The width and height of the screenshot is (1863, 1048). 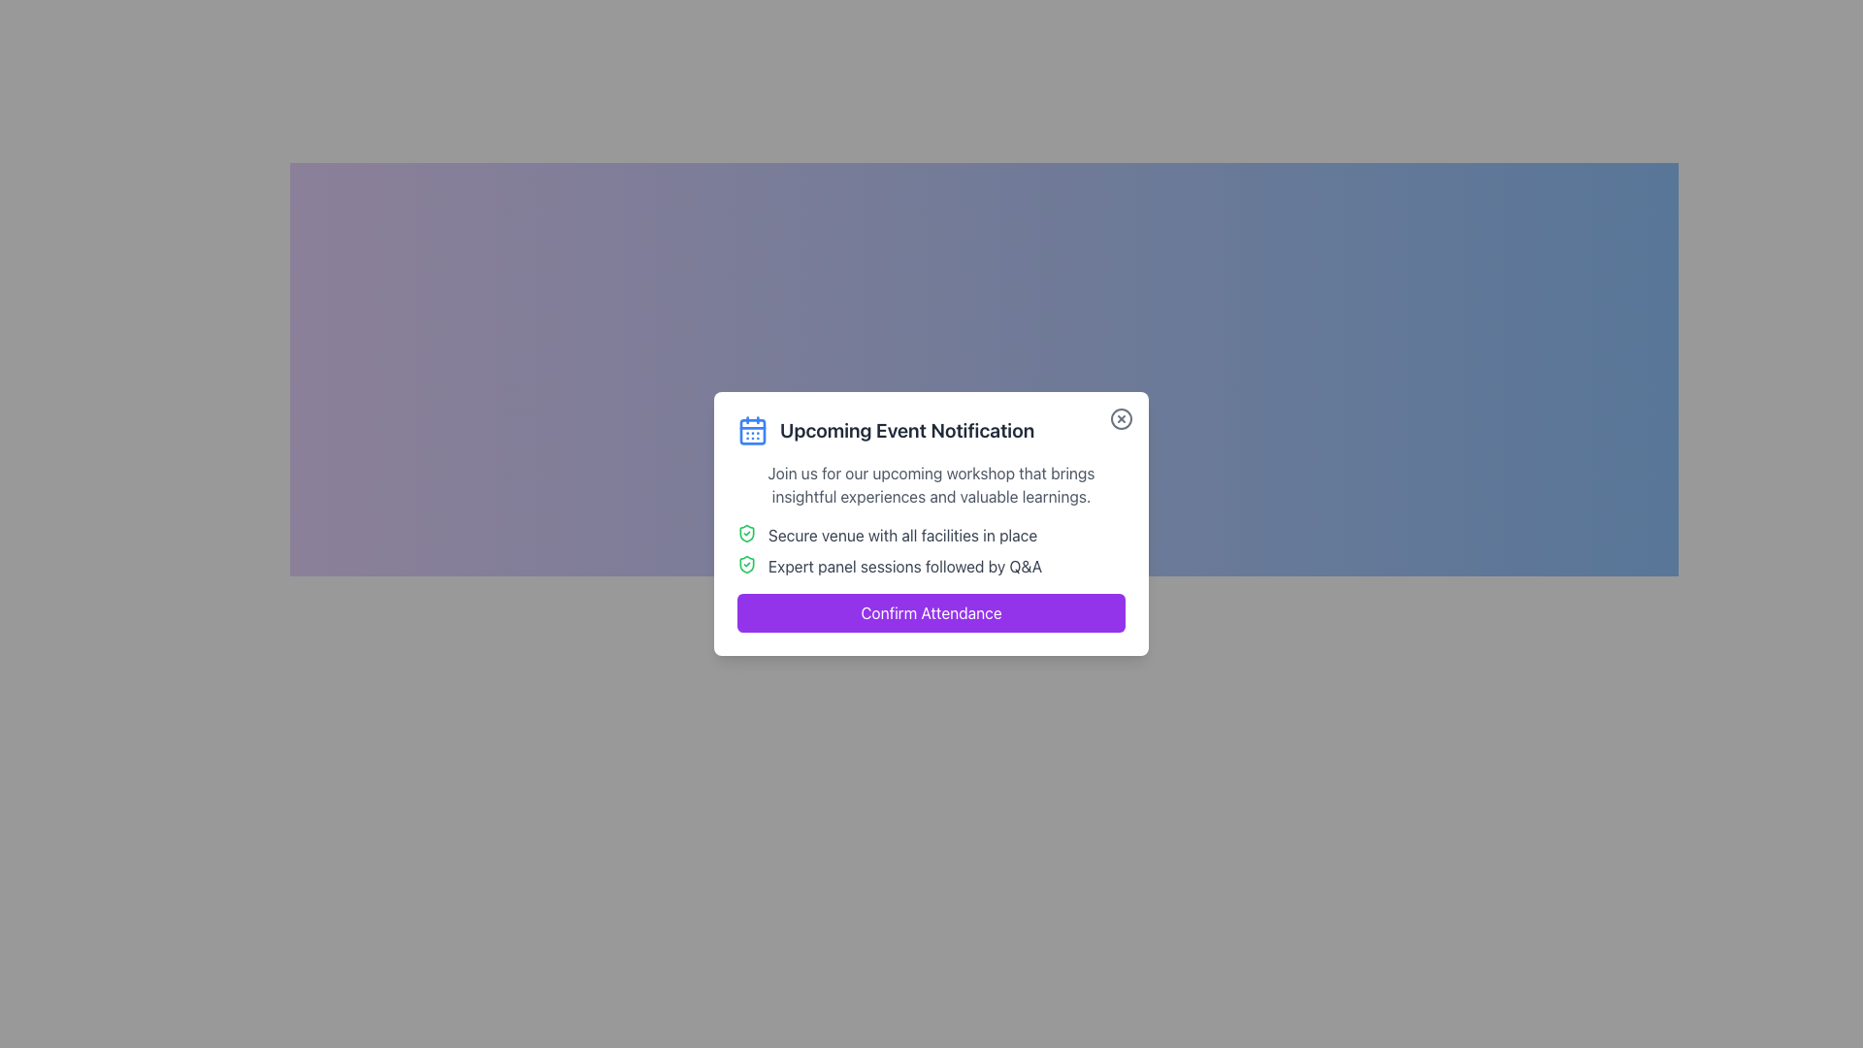 I want to click on the Heading with icon that serves as a title for the notification card, positioned at the top of the card above descriptive text and a button, so click(x=931, y=429).